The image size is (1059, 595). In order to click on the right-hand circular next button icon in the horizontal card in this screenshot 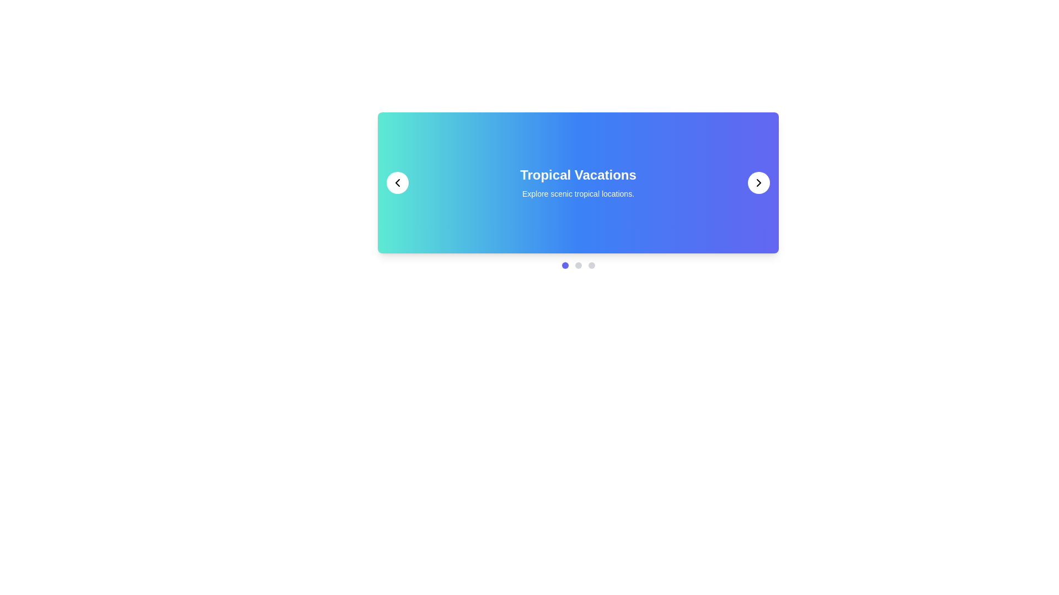, I will do `click(758, 182)`.